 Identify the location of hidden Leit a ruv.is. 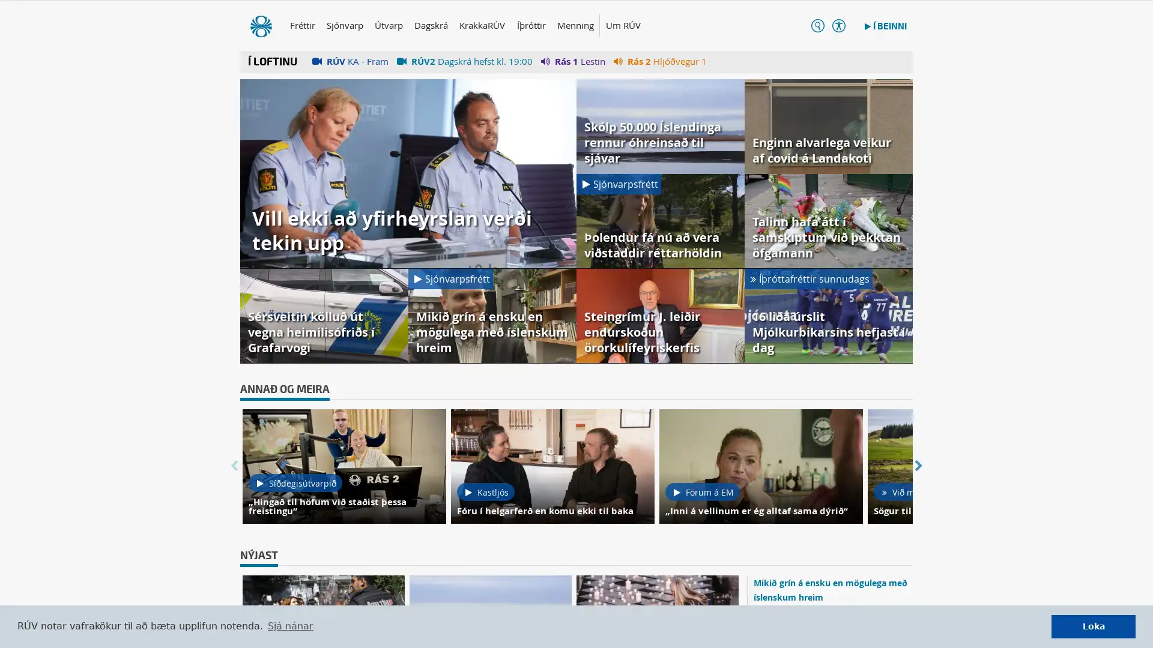
(806, 27).